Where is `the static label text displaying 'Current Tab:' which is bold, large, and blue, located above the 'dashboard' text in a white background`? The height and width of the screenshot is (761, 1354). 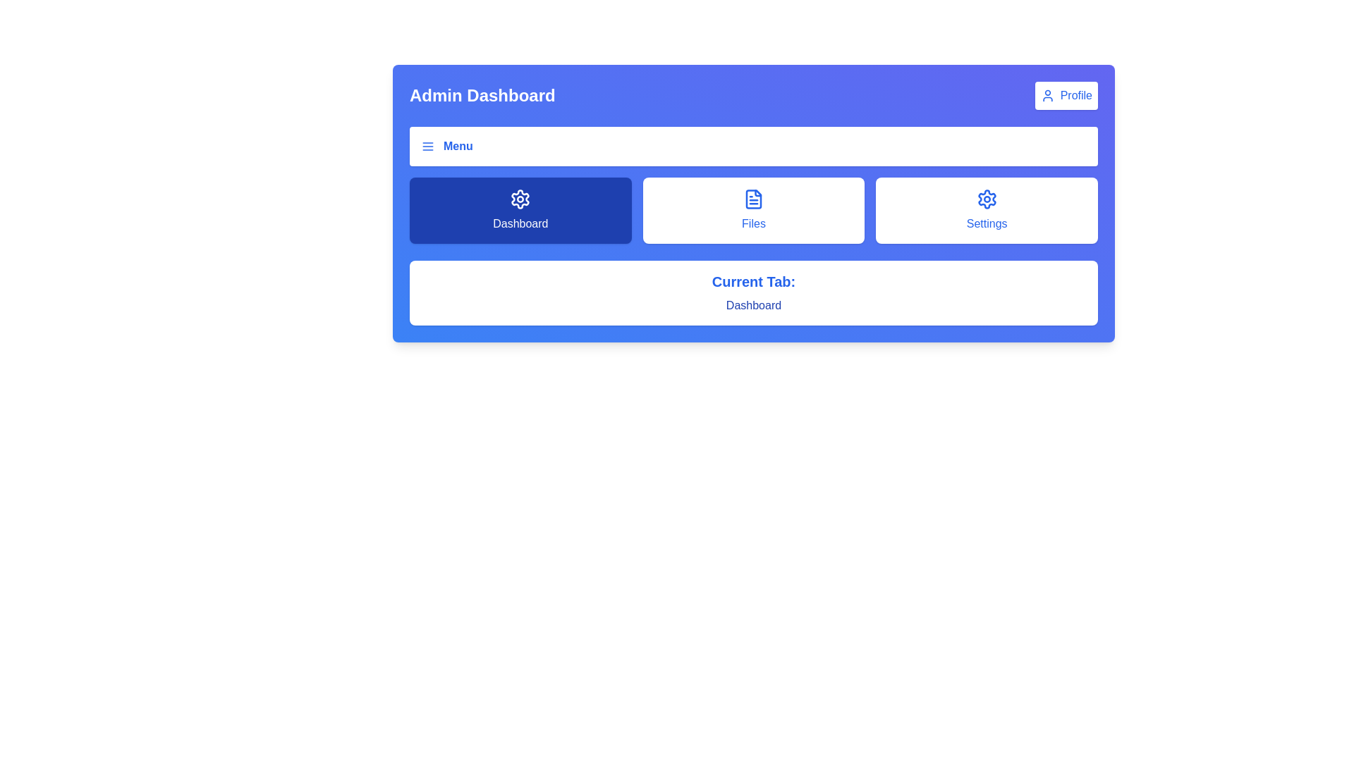 the static label text displaying 'Current Tab:' which is bold, large, and blue, located above the 'dashboard' text in a white background is located at coordinates (753, 282).